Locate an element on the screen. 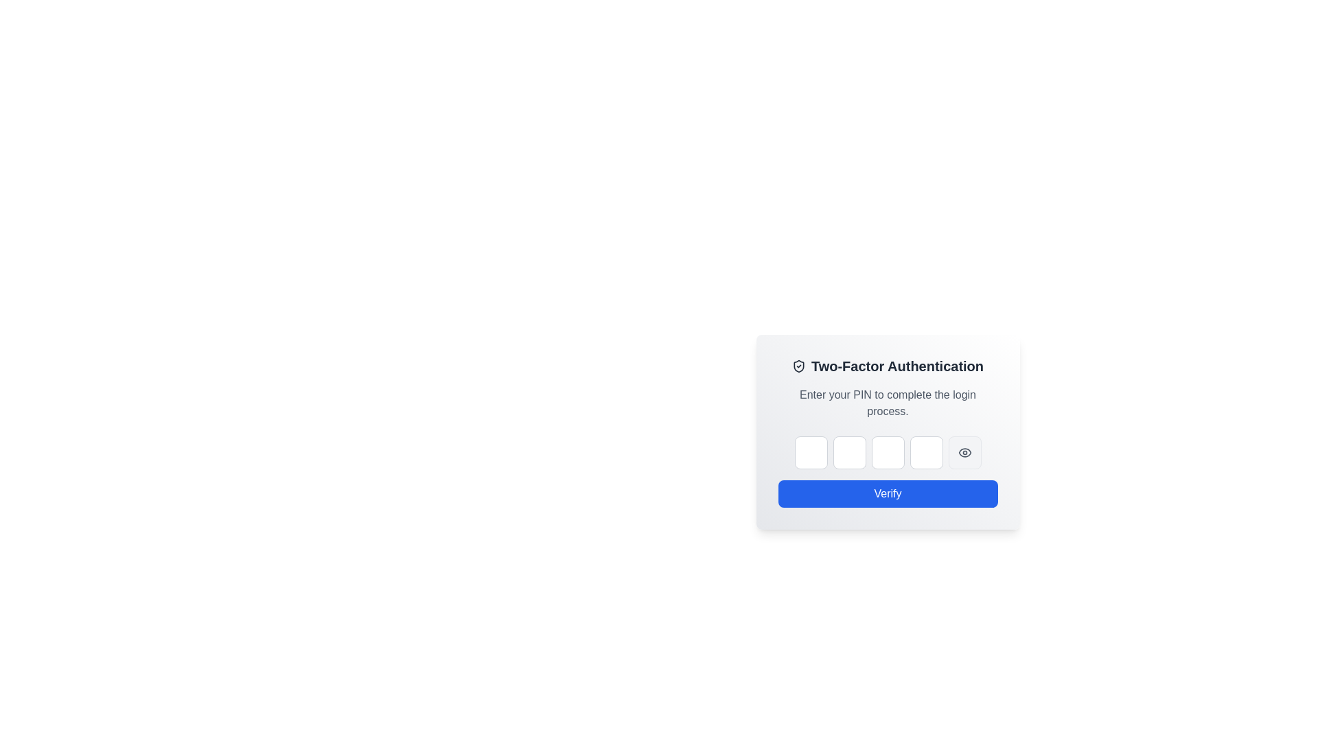 Image resolution: width=1318 pixels, height=741 pixels. shield icon with a check mark inside it, located to the left of the 'Two-Factor Authentication' text in the modal header is located at coordinates (798, 365).